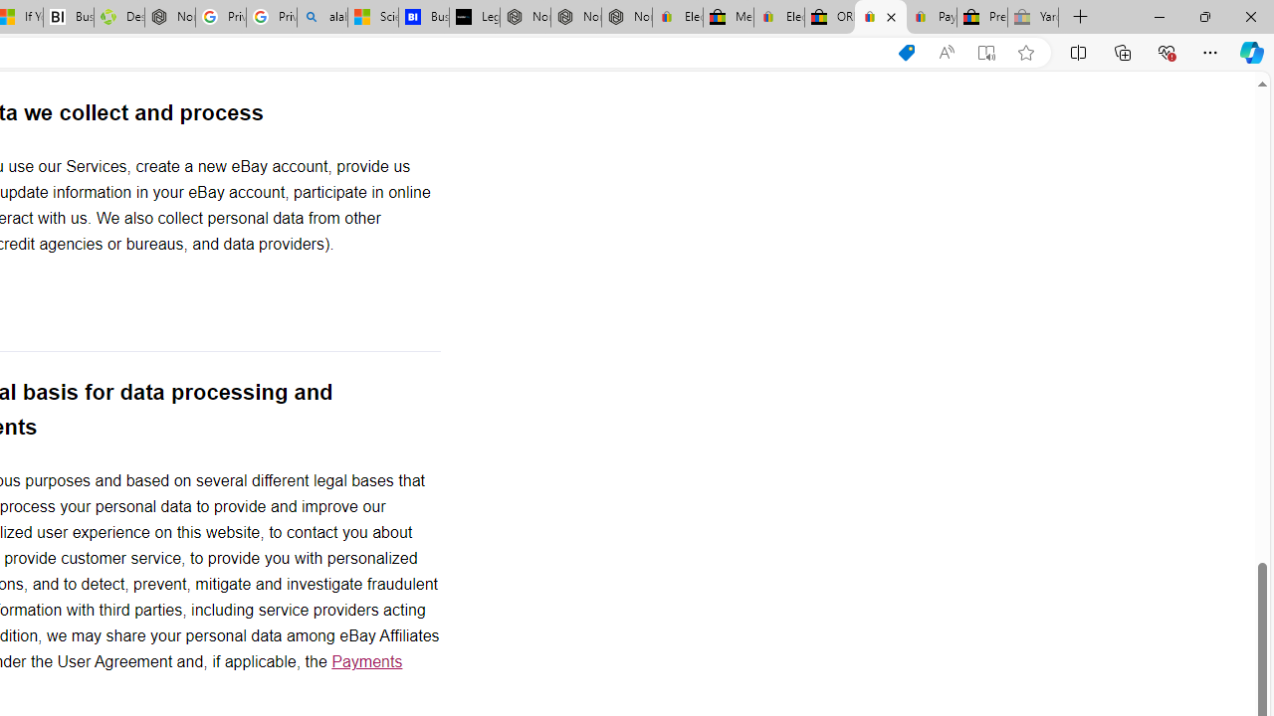  I want to click on 'Payments Terms of Use | eBay.com', so click(931, 17).